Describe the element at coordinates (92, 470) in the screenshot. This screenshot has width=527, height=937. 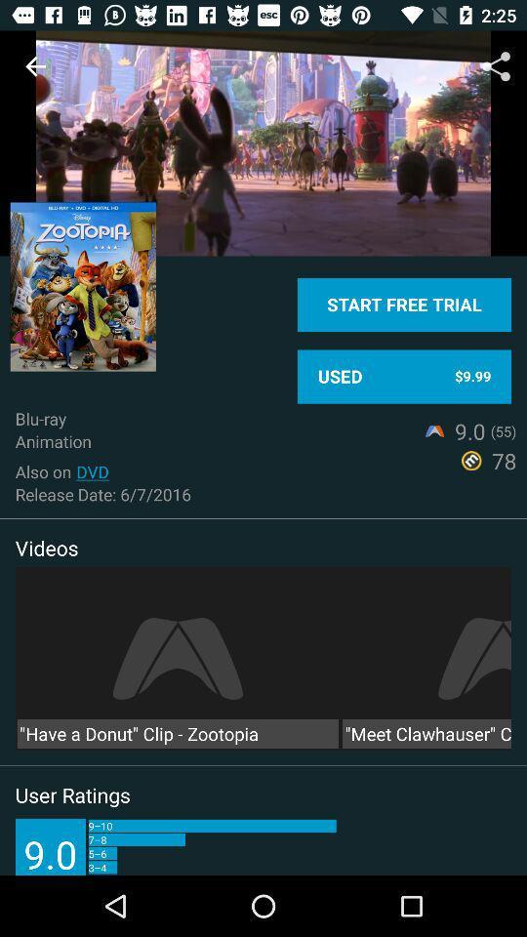
I see `item below animation` at that location.